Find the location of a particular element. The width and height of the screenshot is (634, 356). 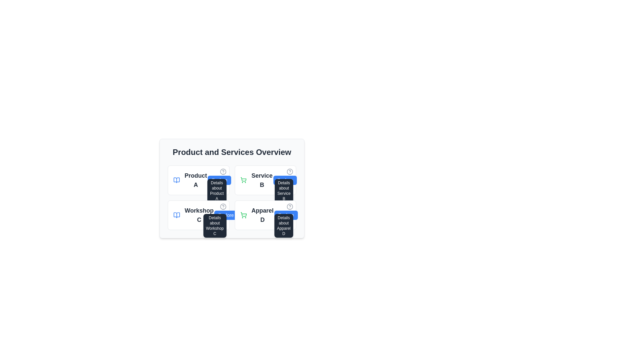

the shopping cart icon located to the left of the Informational Panel for 'Service B', which is positioned centrally between the green shopping cart icon and the blue 'Explore' button is located at coordinates (265, 180).